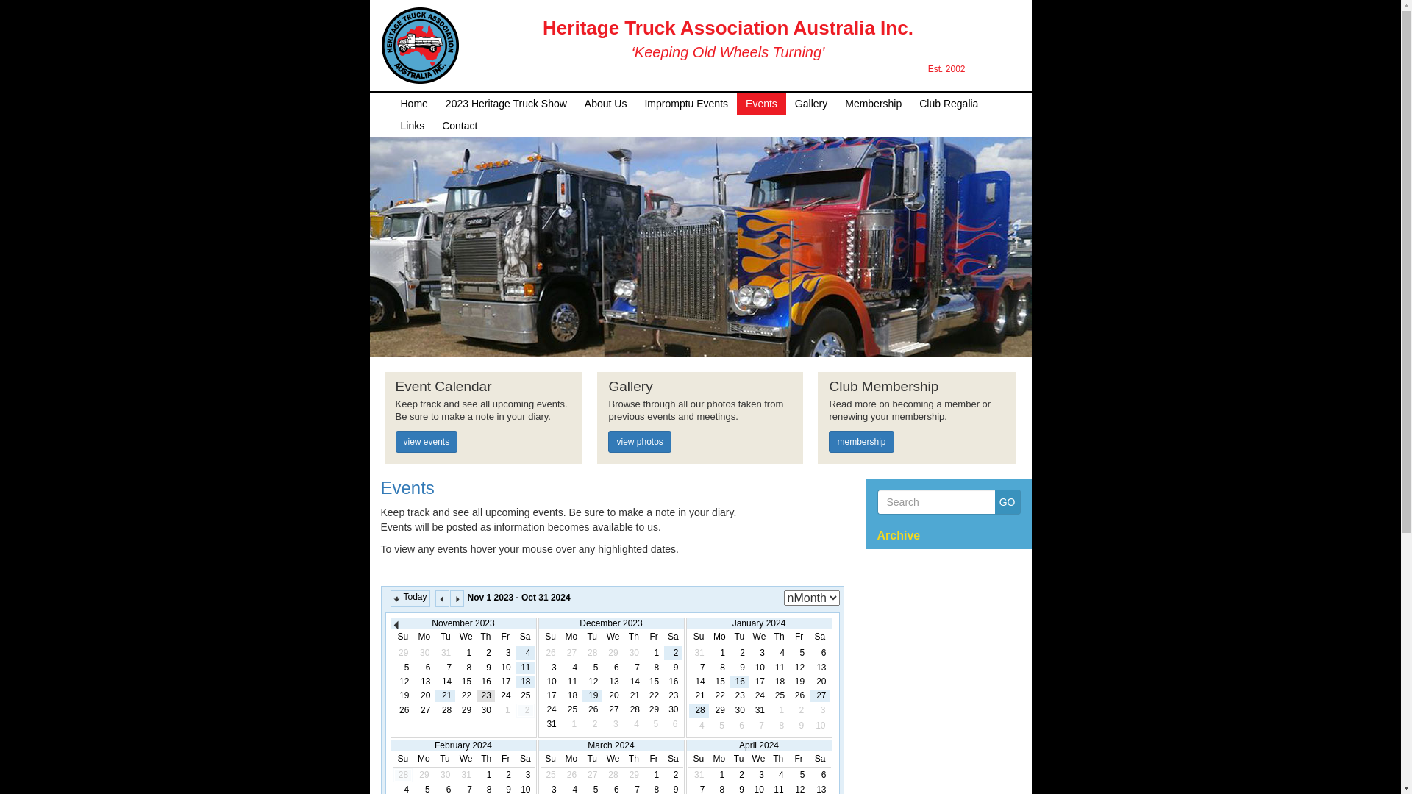 Image resolution: width=1412 pixels, height=794 pixels. What do you see at coordinates (639, 441) in the screenshot?
I see `'view photos'` at bounding box center [639, 441].